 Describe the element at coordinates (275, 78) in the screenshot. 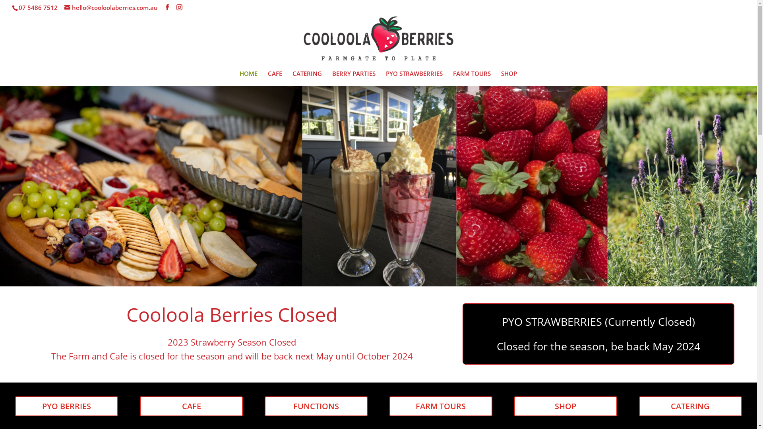

I see `'CAFE'` at that location.